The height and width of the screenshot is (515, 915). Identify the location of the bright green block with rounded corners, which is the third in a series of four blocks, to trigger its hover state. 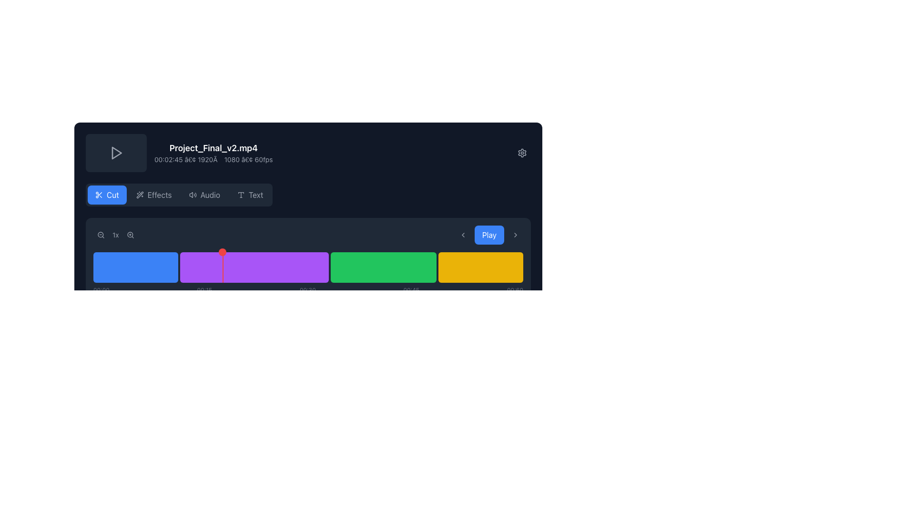
(383, 267).